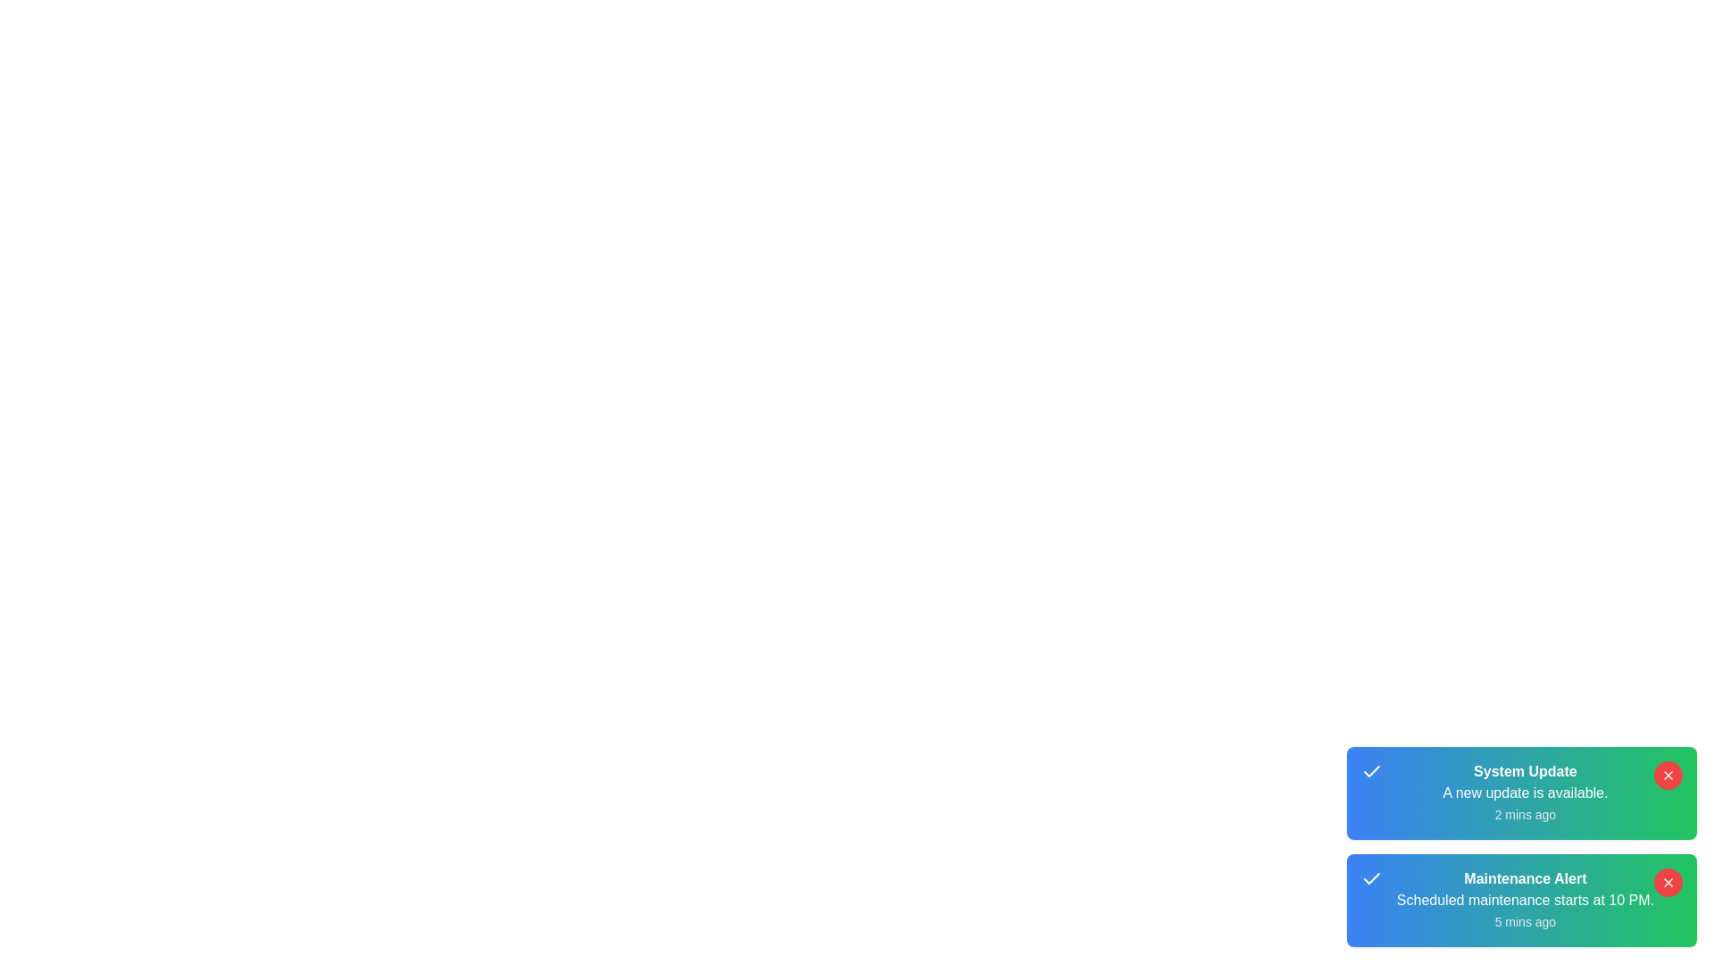 This screenshot has width=1715, height=965. What do you see at coordinates (1520, 792) in the screenshot?
I see `the notification to expand its details` at bounding box center [1520, 792].